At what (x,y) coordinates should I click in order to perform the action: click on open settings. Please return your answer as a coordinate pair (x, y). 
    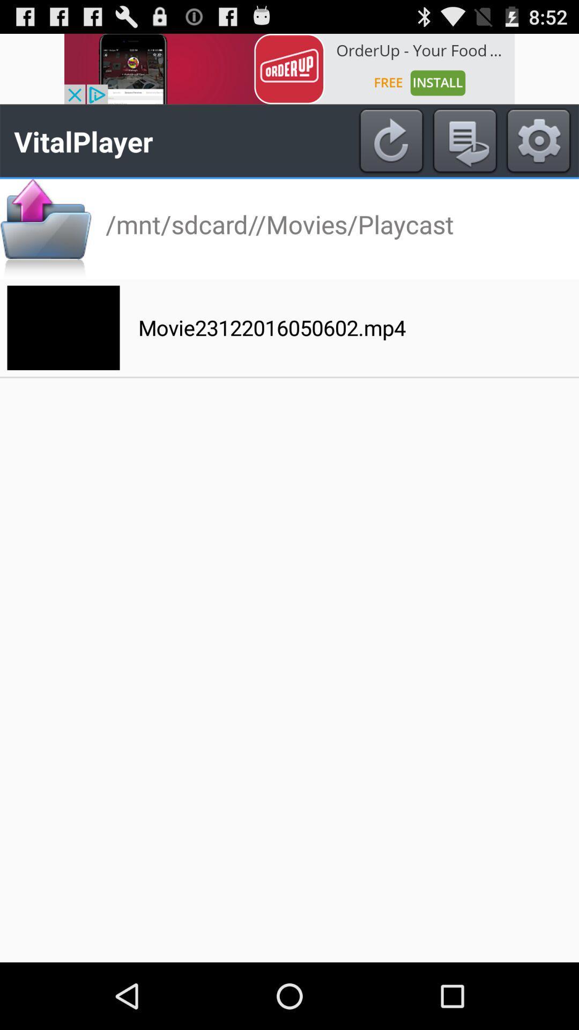
    Looking at the image, I should click on (538, 141).